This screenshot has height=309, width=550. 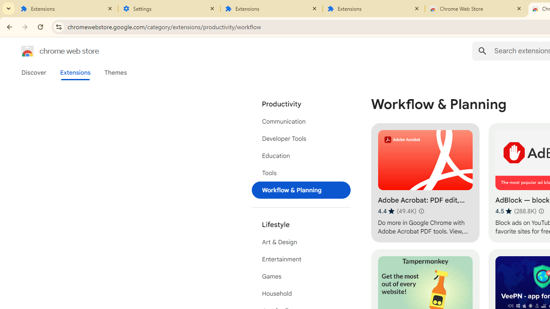 I want to click on 'Education', so click(x=301, y=155).